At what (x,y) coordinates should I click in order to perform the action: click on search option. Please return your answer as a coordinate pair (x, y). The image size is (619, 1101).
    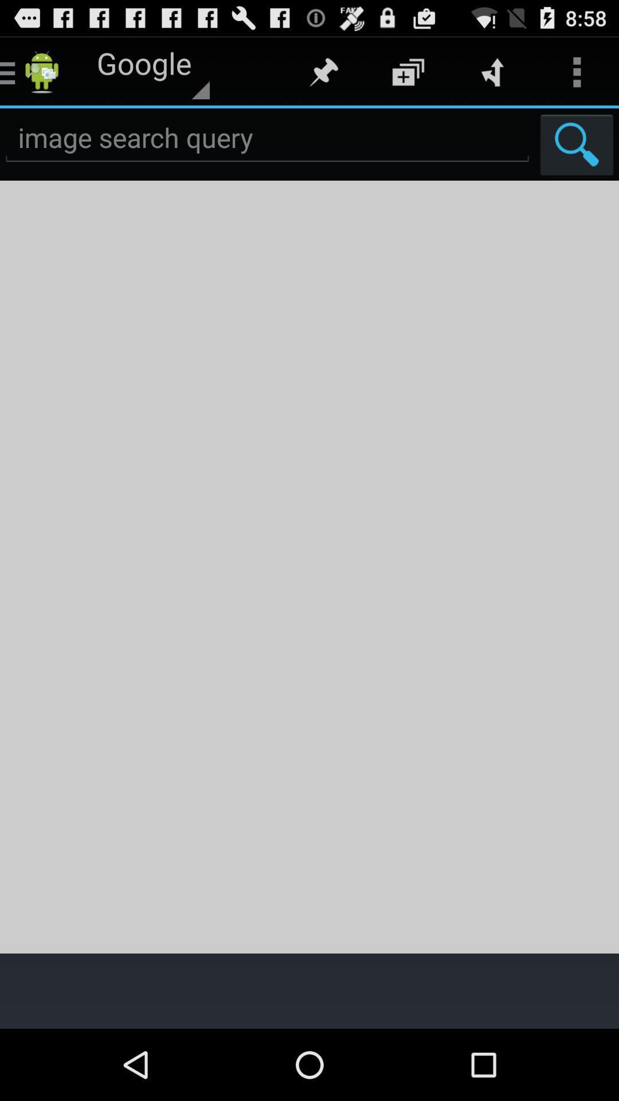
    Looking at the image, I should click on (267, 138).